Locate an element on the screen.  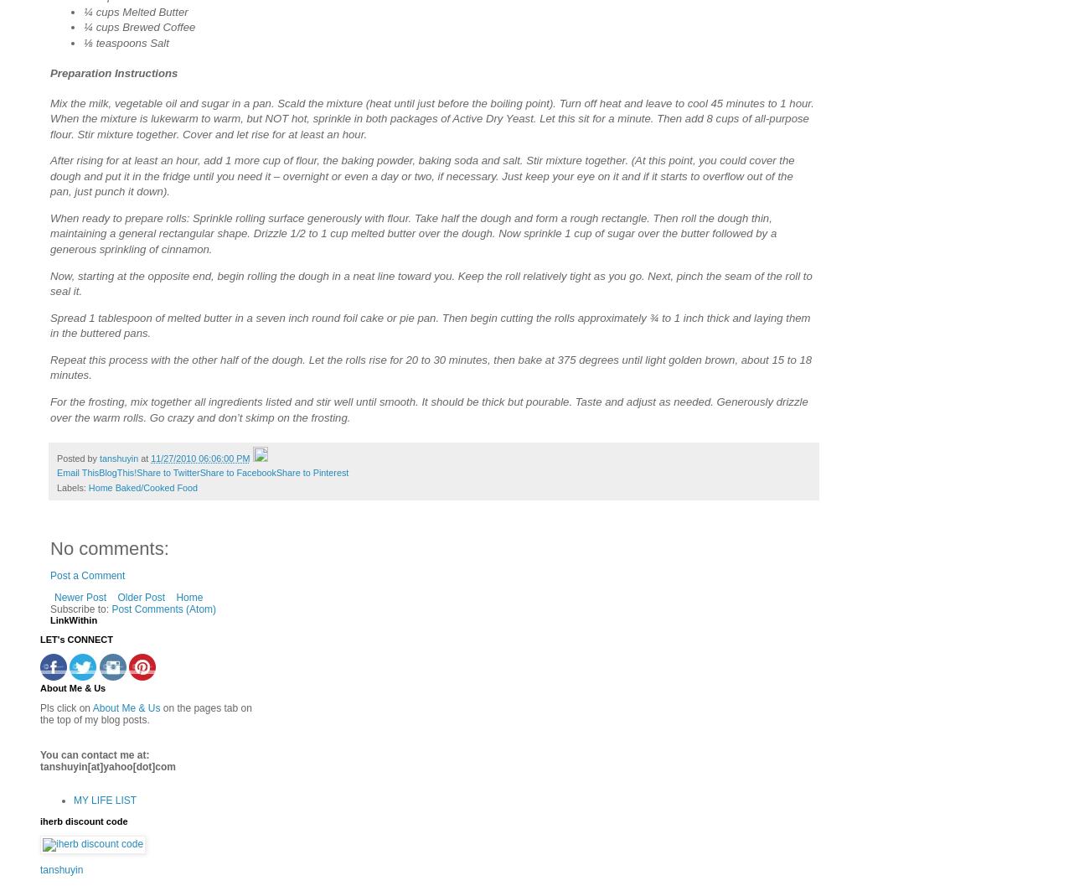
'Share to Pinterest' is located at coordinates (312, 472).